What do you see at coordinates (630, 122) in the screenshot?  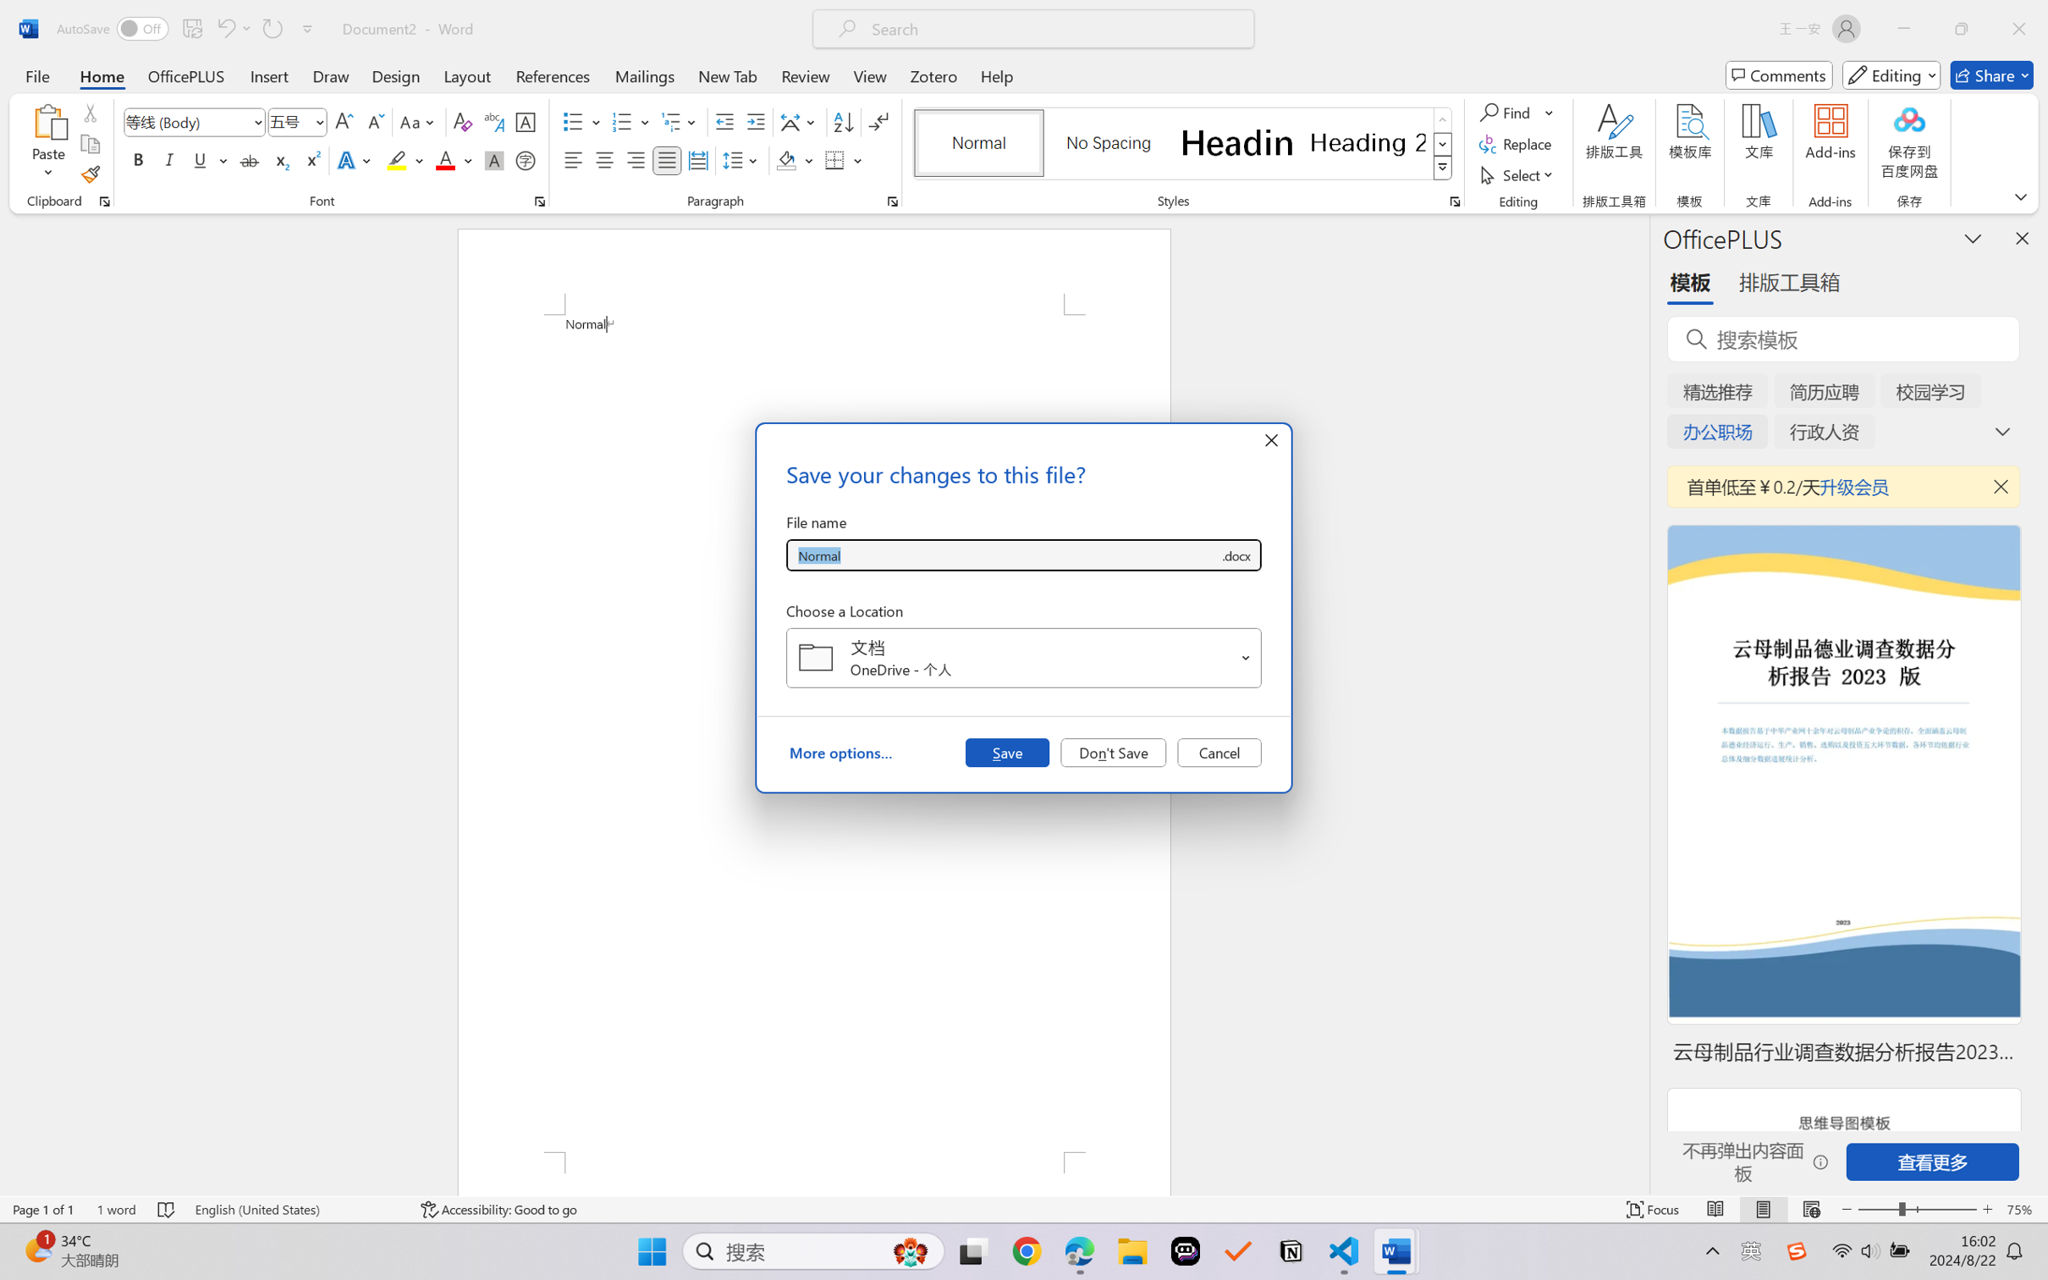 I see `'Numbering'` at bounding box center [630, 122].